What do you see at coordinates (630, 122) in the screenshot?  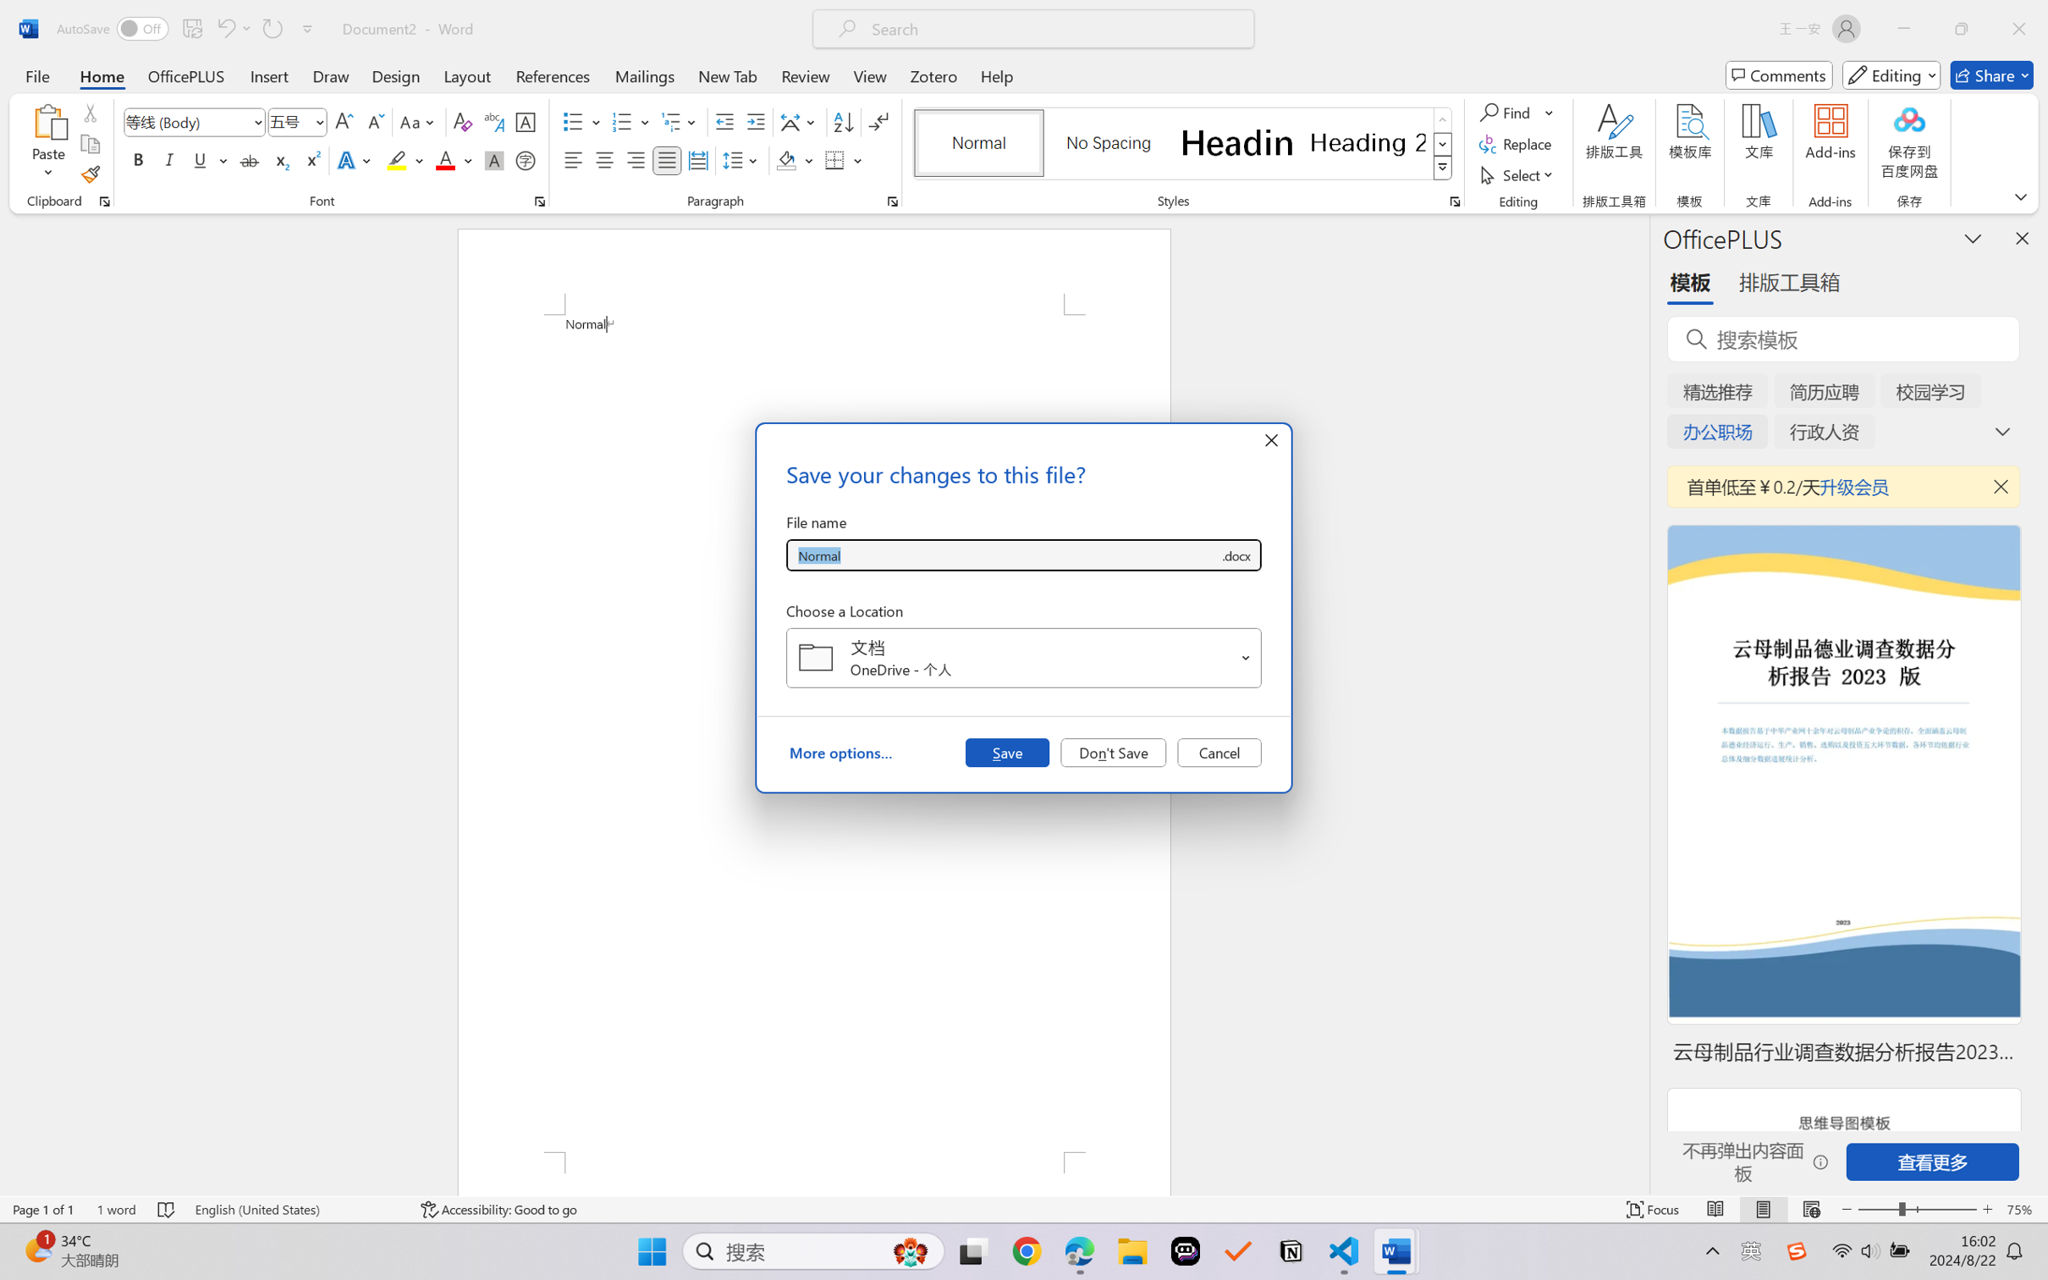 I see `'Numbering'` at bounding box center [630, 122].